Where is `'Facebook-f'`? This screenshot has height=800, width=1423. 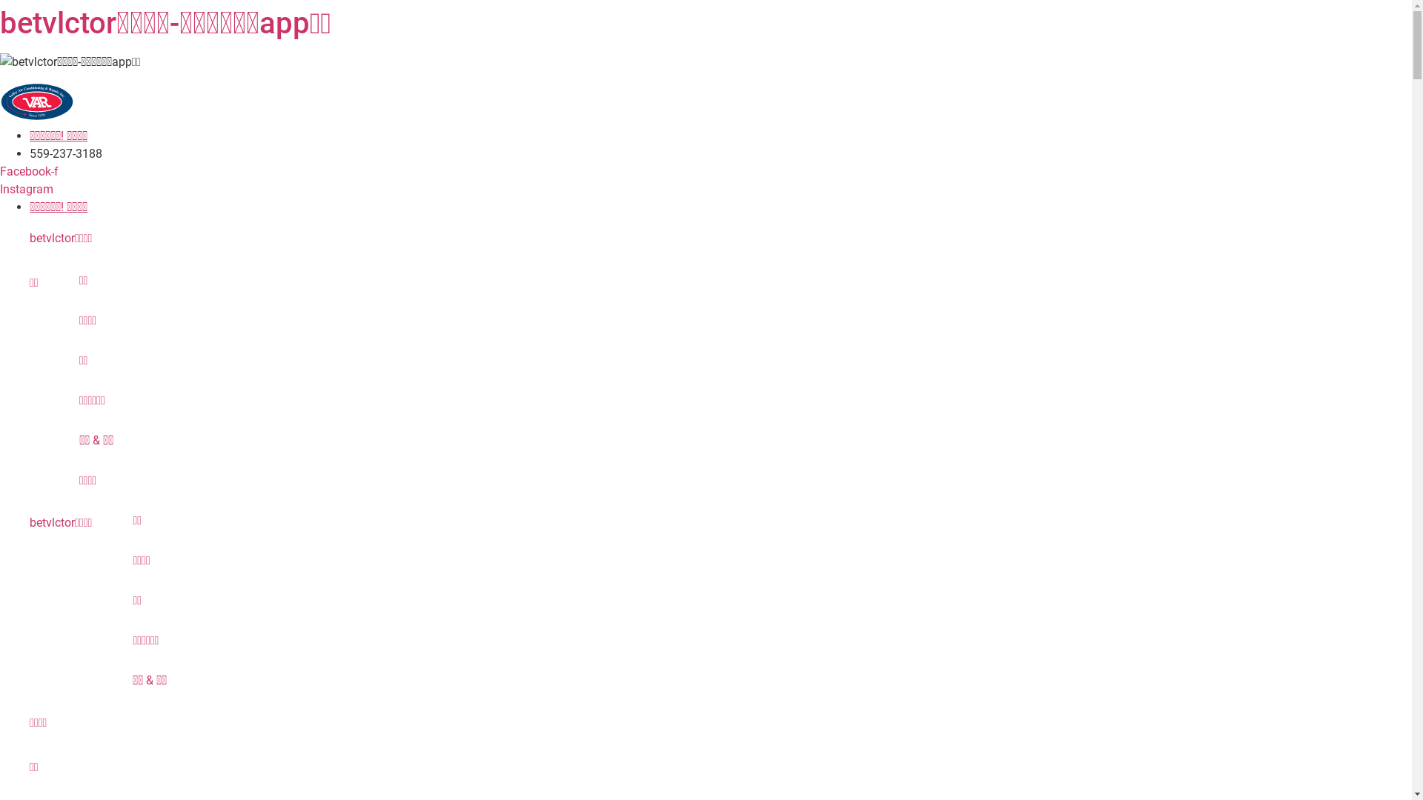 'Facebook-f' is located at coordinates (0, 170).